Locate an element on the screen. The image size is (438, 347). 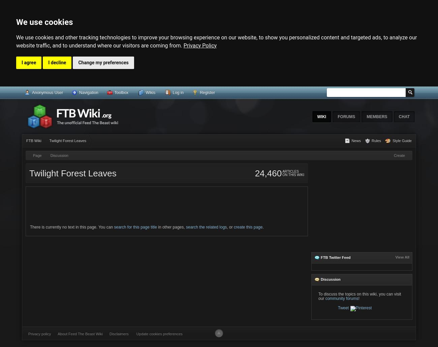
',
or' is located at coordinates (230, 227).